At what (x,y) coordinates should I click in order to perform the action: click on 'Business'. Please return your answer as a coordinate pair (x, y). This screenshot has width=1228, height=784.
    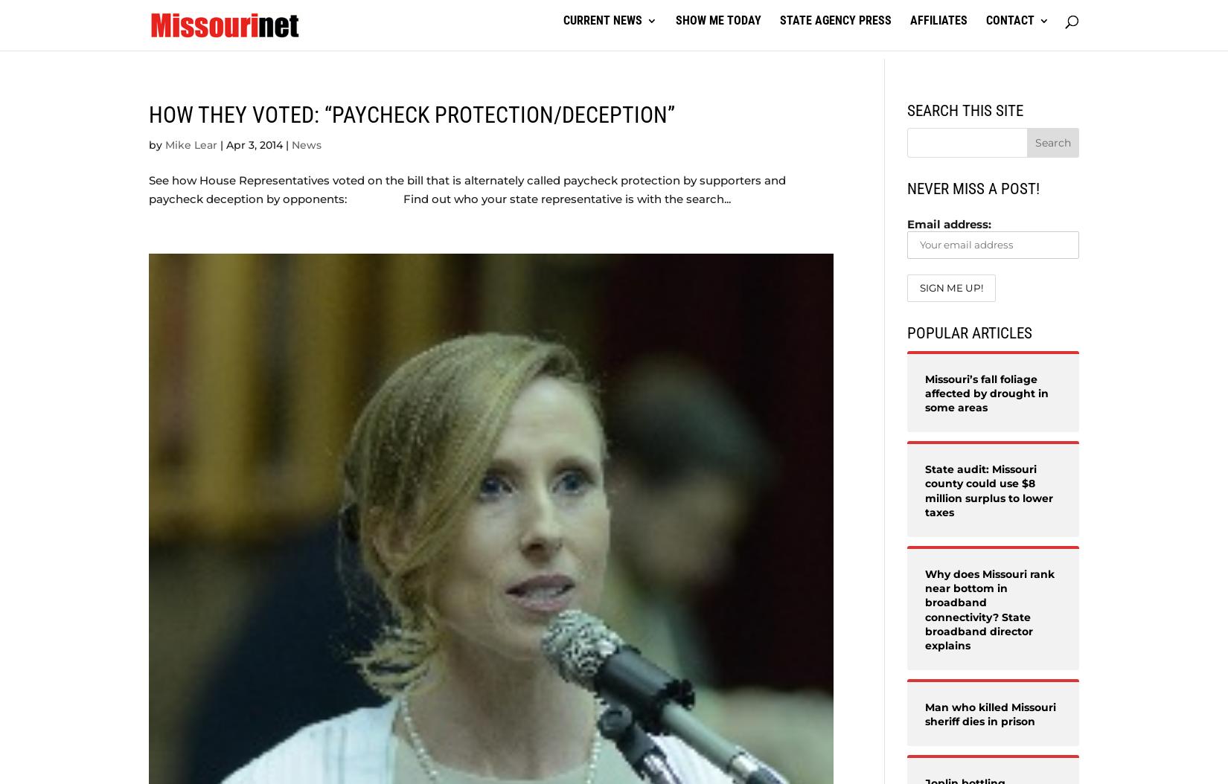
    Looking at the image, I should click on (502, 94).